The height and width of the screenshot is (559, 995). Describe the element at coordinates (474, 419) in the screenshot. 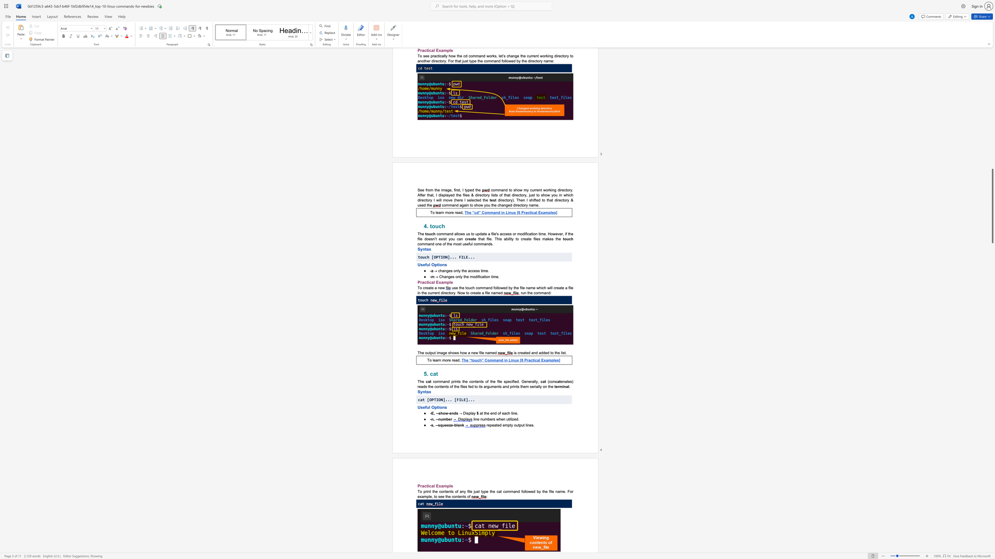

I see `the subset text "line numbers when" within the text "line numbers when"` at that location.